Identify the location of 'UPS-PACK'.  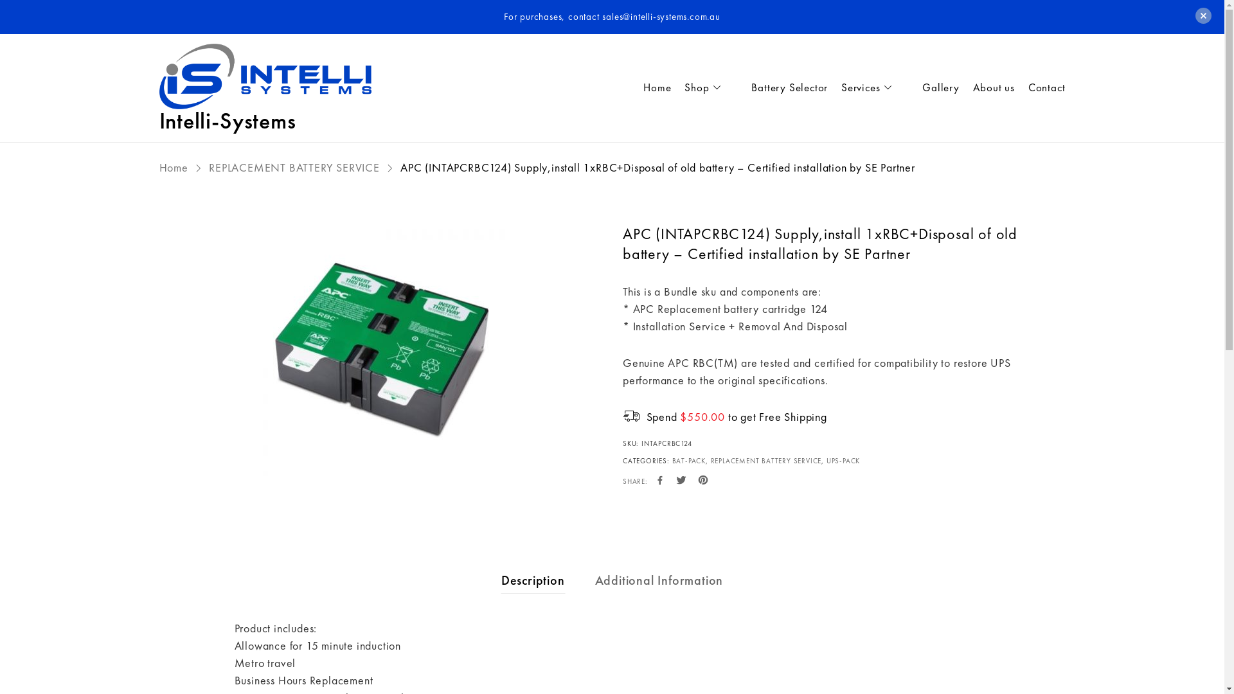
(843, 460).